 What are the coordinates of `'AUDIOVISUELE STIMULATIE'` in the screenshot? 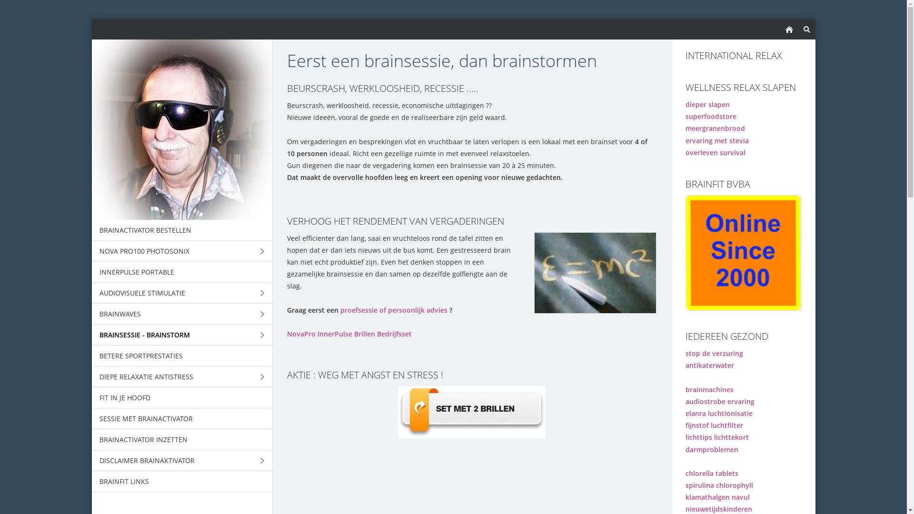 It's located at (181, 293).